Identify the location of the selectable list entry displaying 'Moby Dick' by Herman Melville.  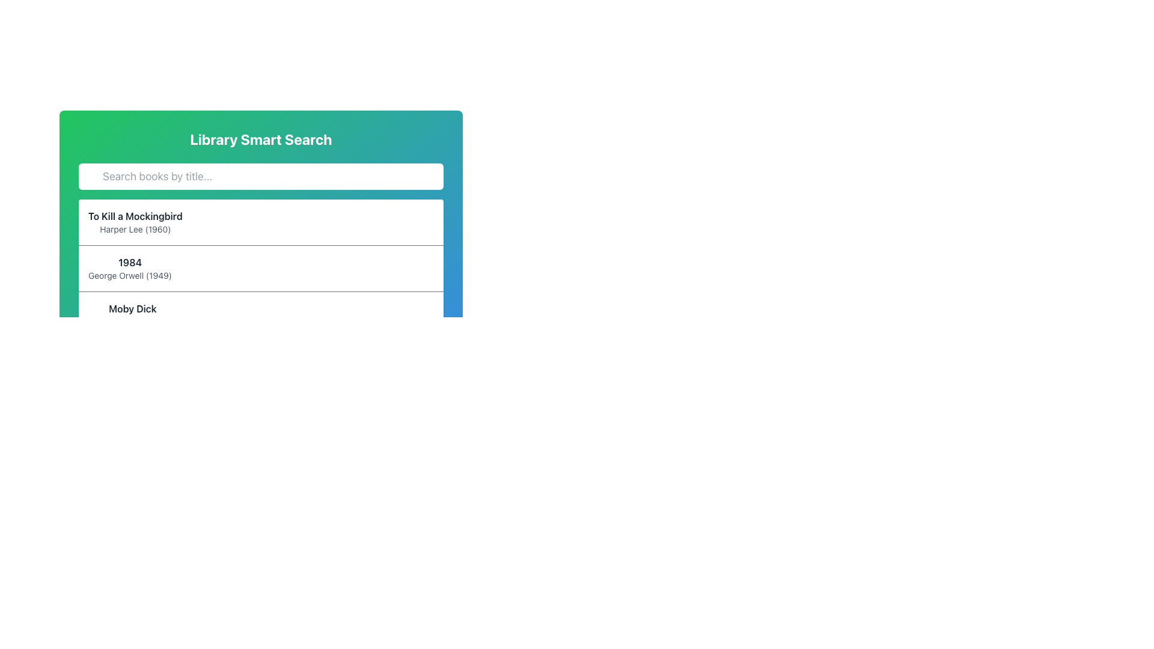
(260, 314).